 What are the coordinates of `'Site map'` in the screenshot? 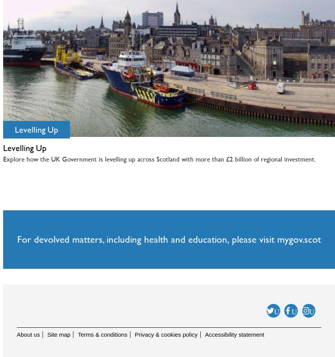 It's located at (58, 334).